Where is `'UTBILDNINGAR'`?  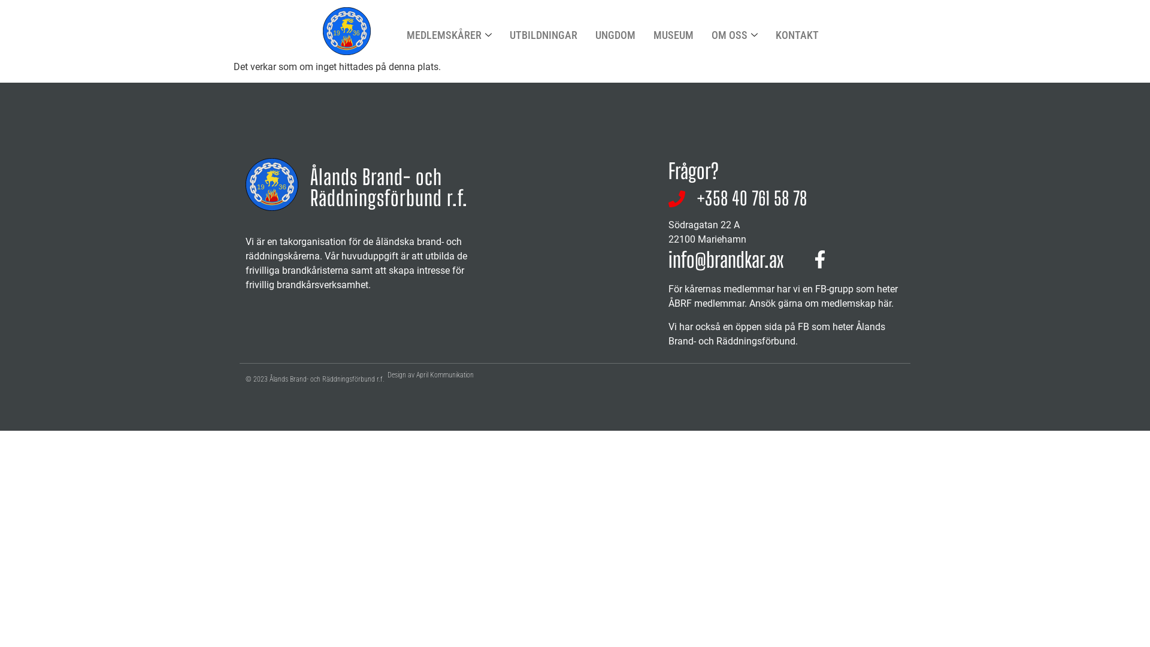 'UTBILDNINGAR' is located at coordinates (543, 34).